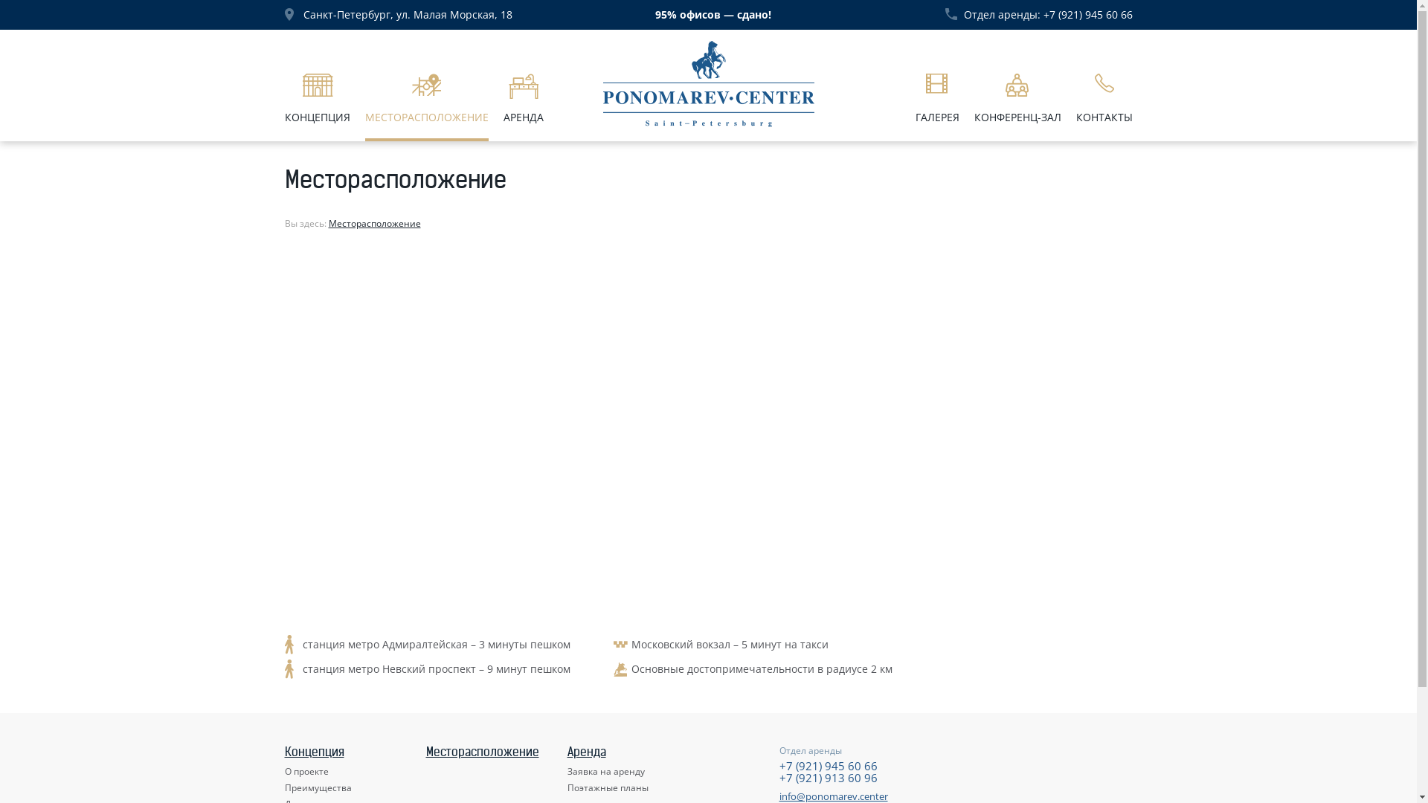  What do you see at coordinates (827, 776) in the screenshot?
I see `'+7 (921) 913 60 96'` at bounding box center [827, 776].